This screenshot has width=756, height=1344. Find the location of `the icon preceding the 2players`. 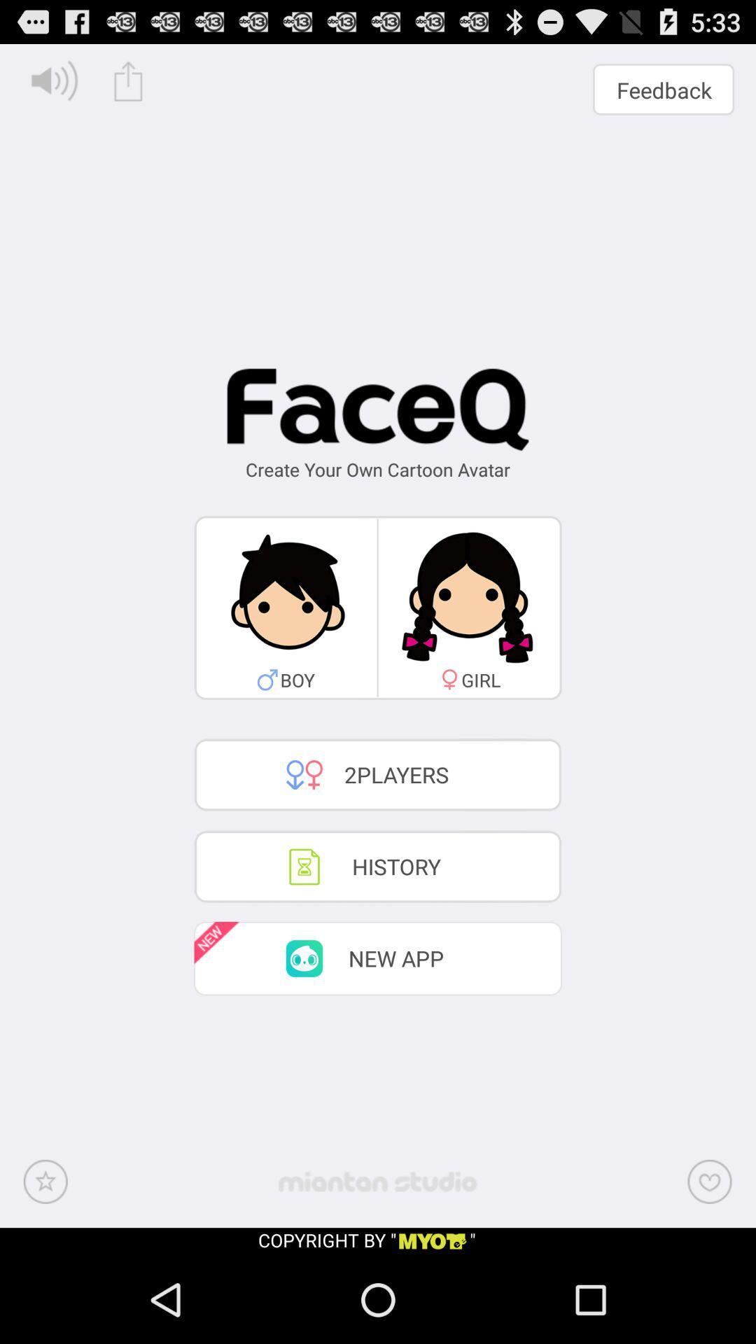

the icon preceding the 2players is located at coordinates (304, 774).